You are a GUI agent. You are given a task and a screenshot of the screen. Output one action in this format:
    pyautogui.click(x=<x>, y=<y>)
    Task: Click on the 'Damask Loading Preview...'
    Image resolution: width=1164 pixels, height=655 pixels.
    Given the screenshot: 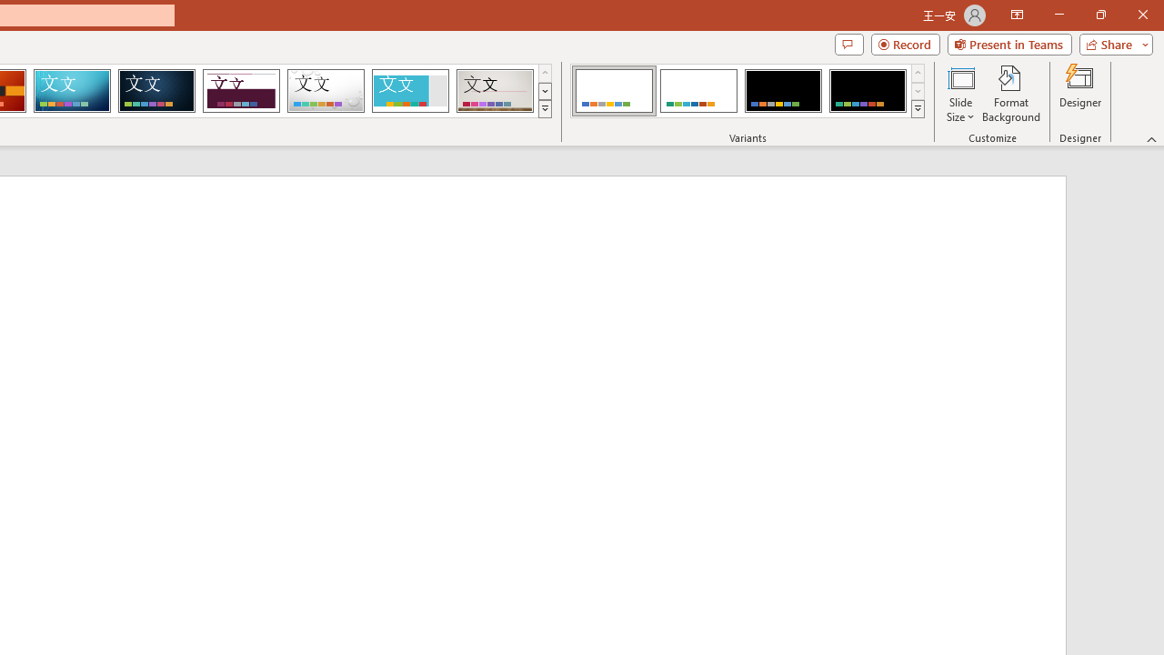 What is the action you would take?
    pyautogui.click(x=156, y=91)
    